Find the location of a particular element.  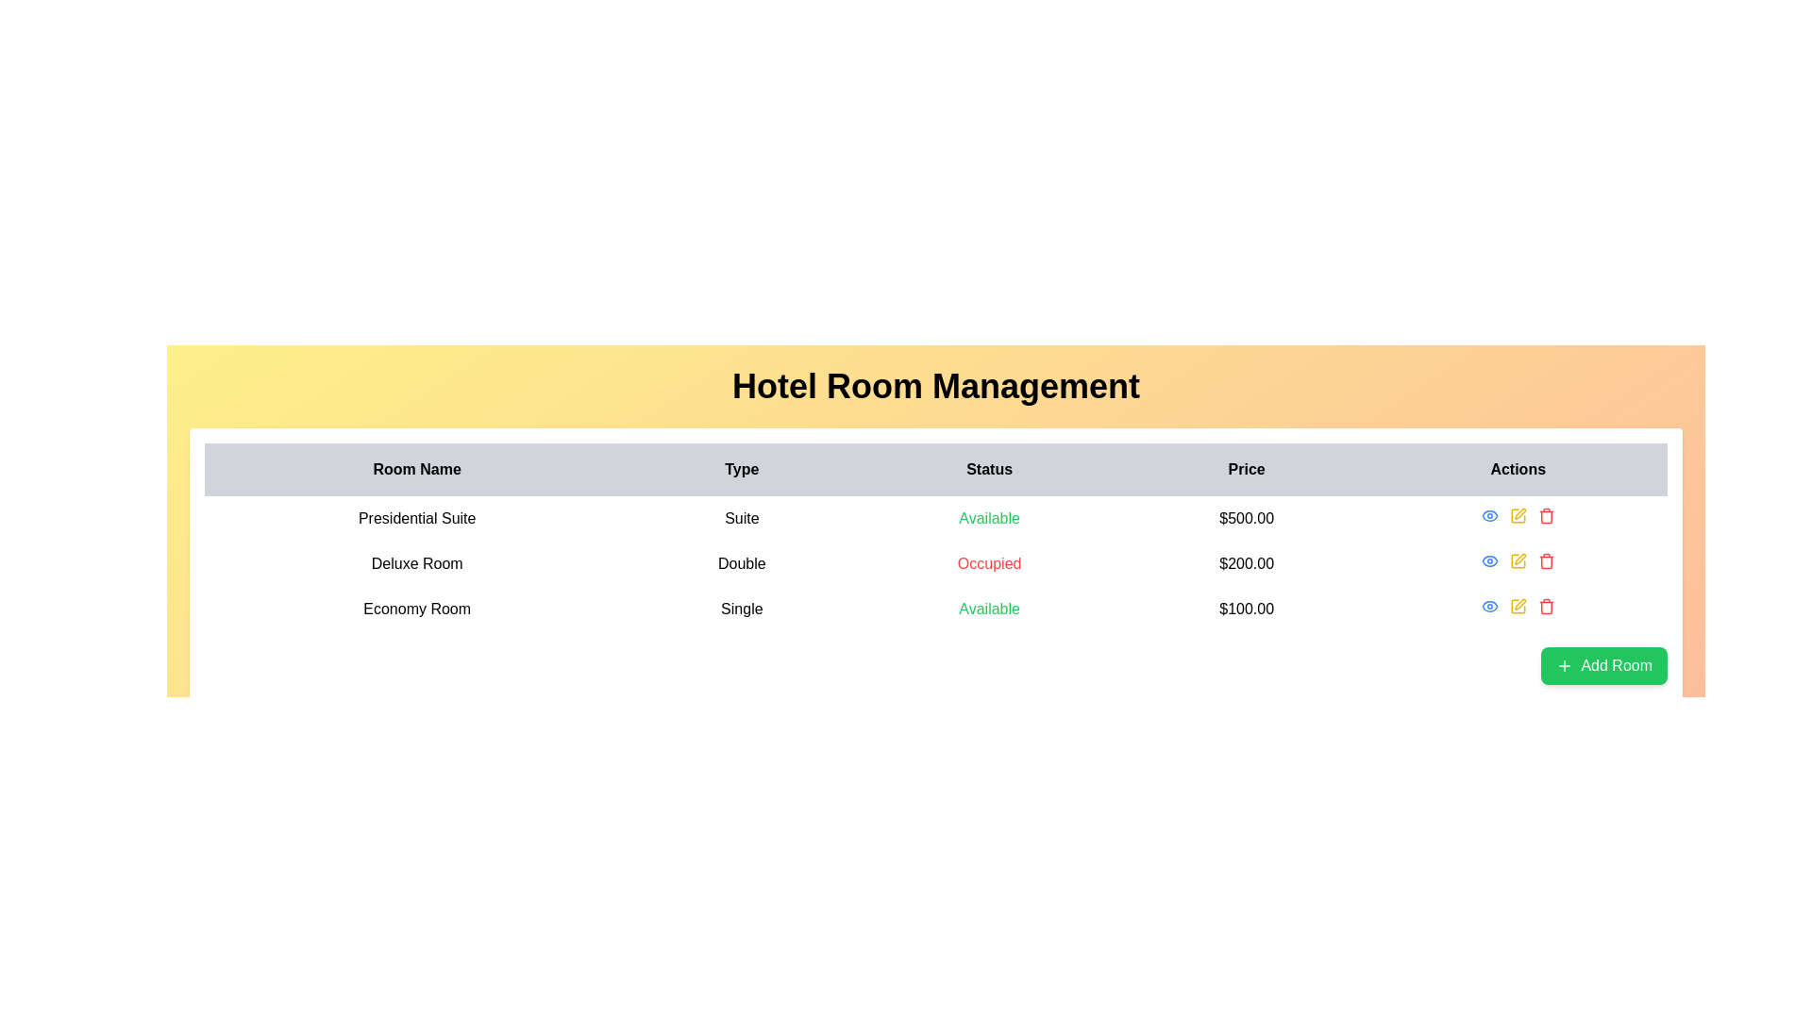

the red trash bin icon in the Actions column of the third row of the table is located at coordinates (1546, 517).